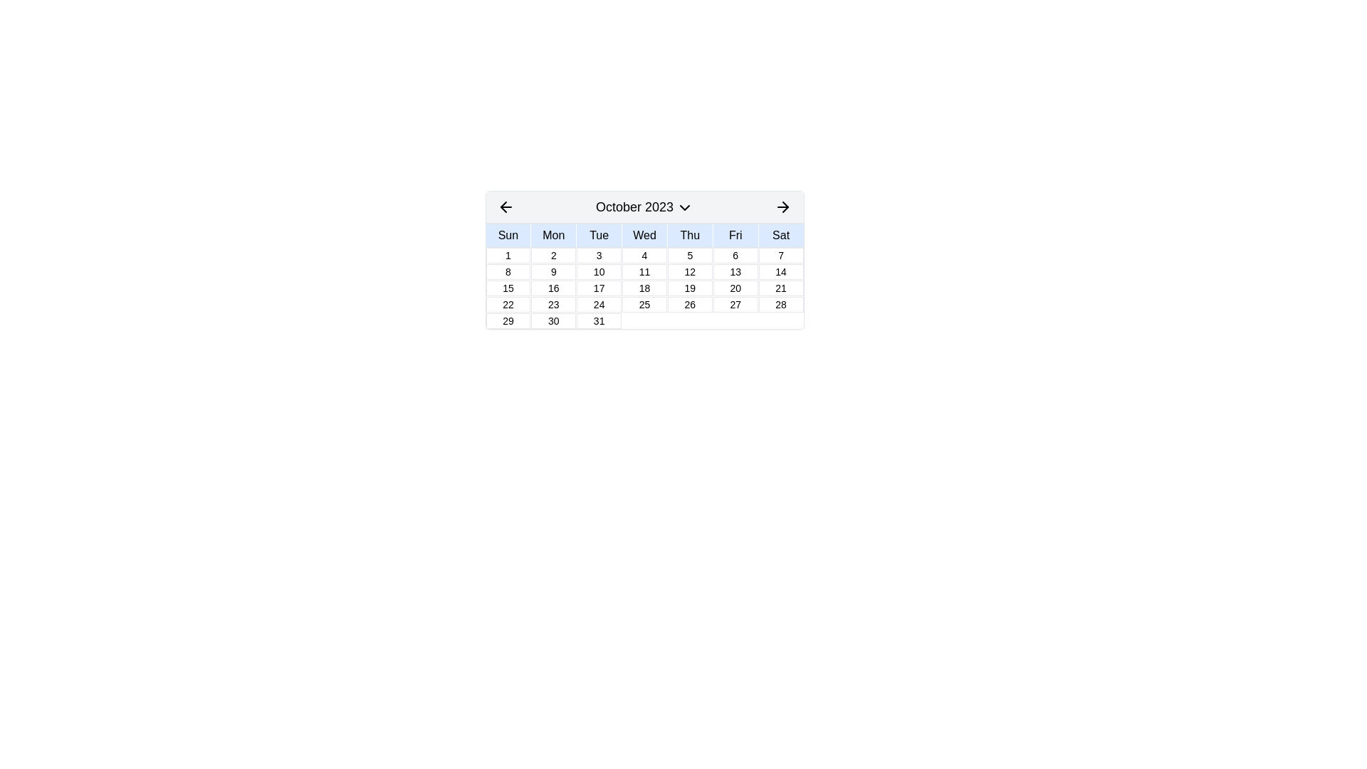 The height and width of the screenshot is (769, 1367). Describe the element at coordinates (735, 304) in the screenshot. I see `the text label displaying '27' in the calendar grid` at that location.